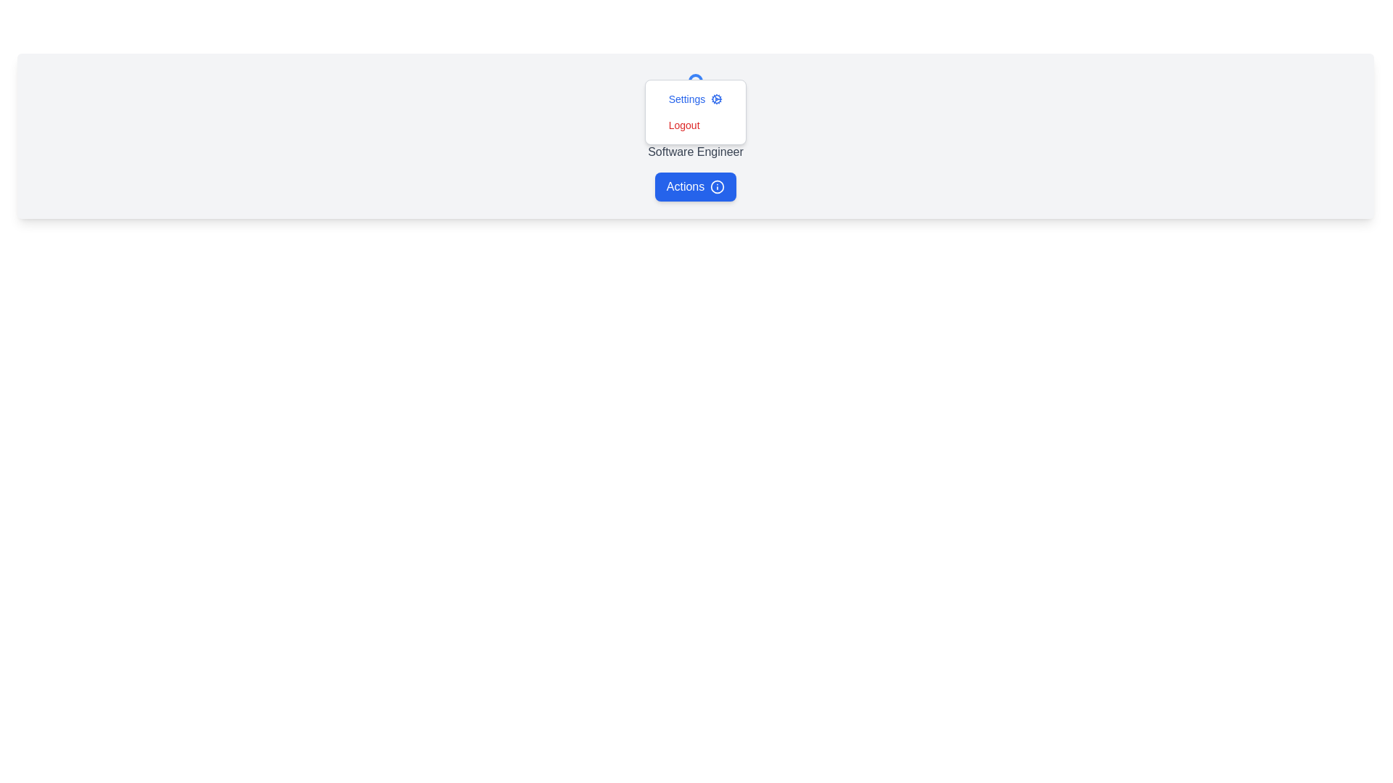 The height and width of the screenshot is (783, 1393). What do you see at coordinates (695, 127) in the screenshot?
I see `the logout hyperlink located below the 'Settings' option in the user profile dropdown menu to log out of the account` at bounding box center [695, 127].